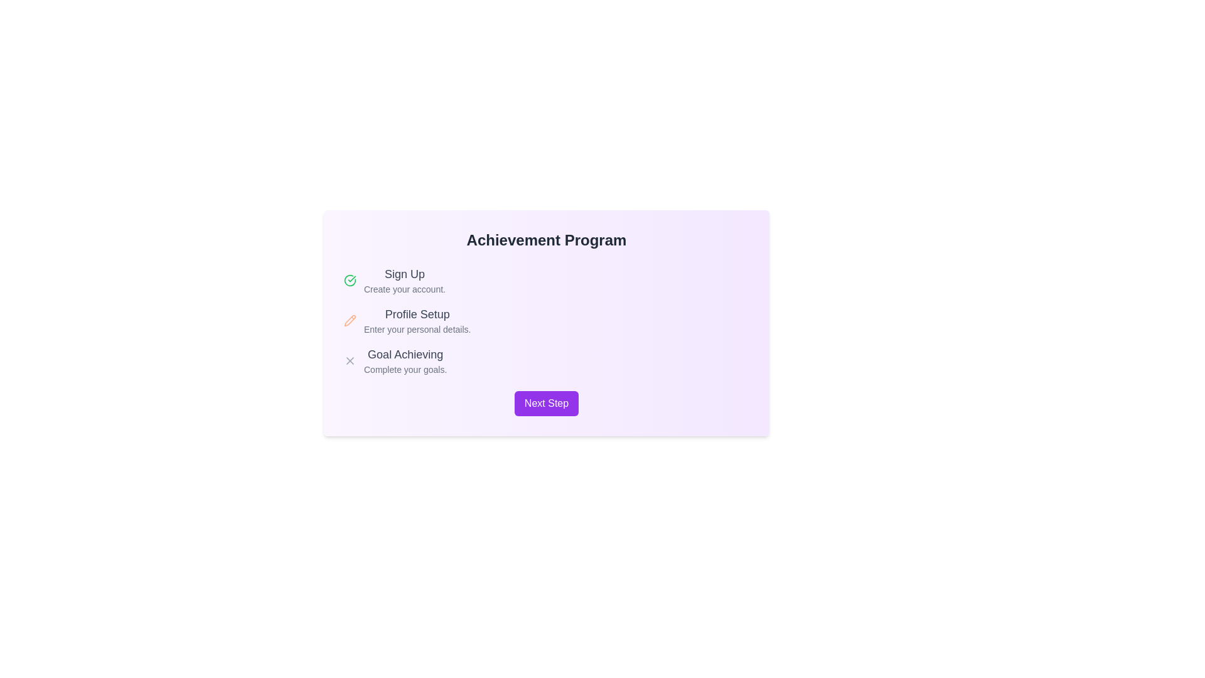 Image resolution: width=1205 pixels, height=678 pixels. What do you see at coordinates (417, 314) in the screenshot?
I see `the 'Profile Setup' text label, which features bold gray text and is positioned centrally above the subtext 'Enter your personal details' in the second row of the layout` at bounding box center [417, 314].